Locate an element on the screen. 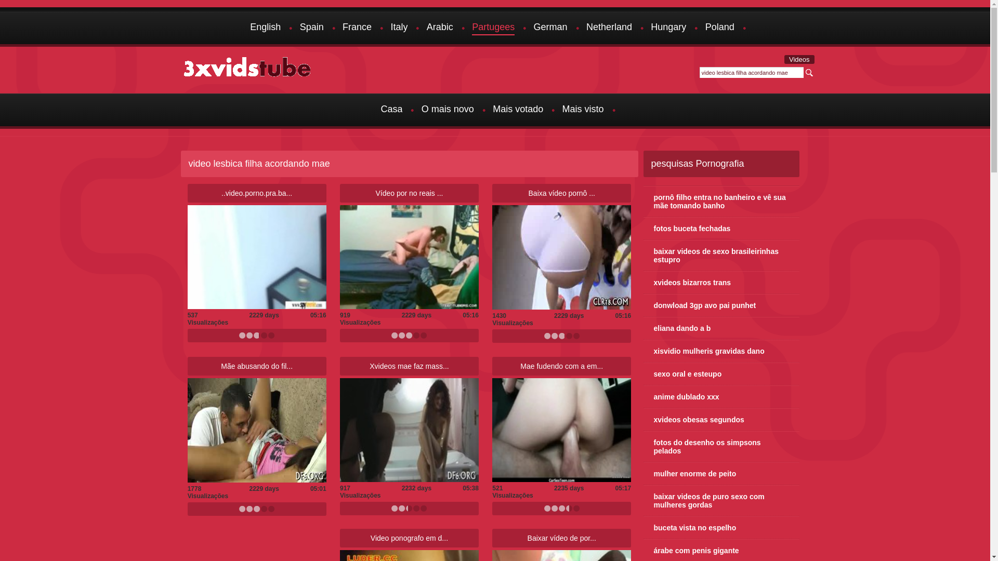 This screenshot has height=561, width=998. 'baixar videos de puro sexo com mulheres gordas' is located at coordinates (720, 500).